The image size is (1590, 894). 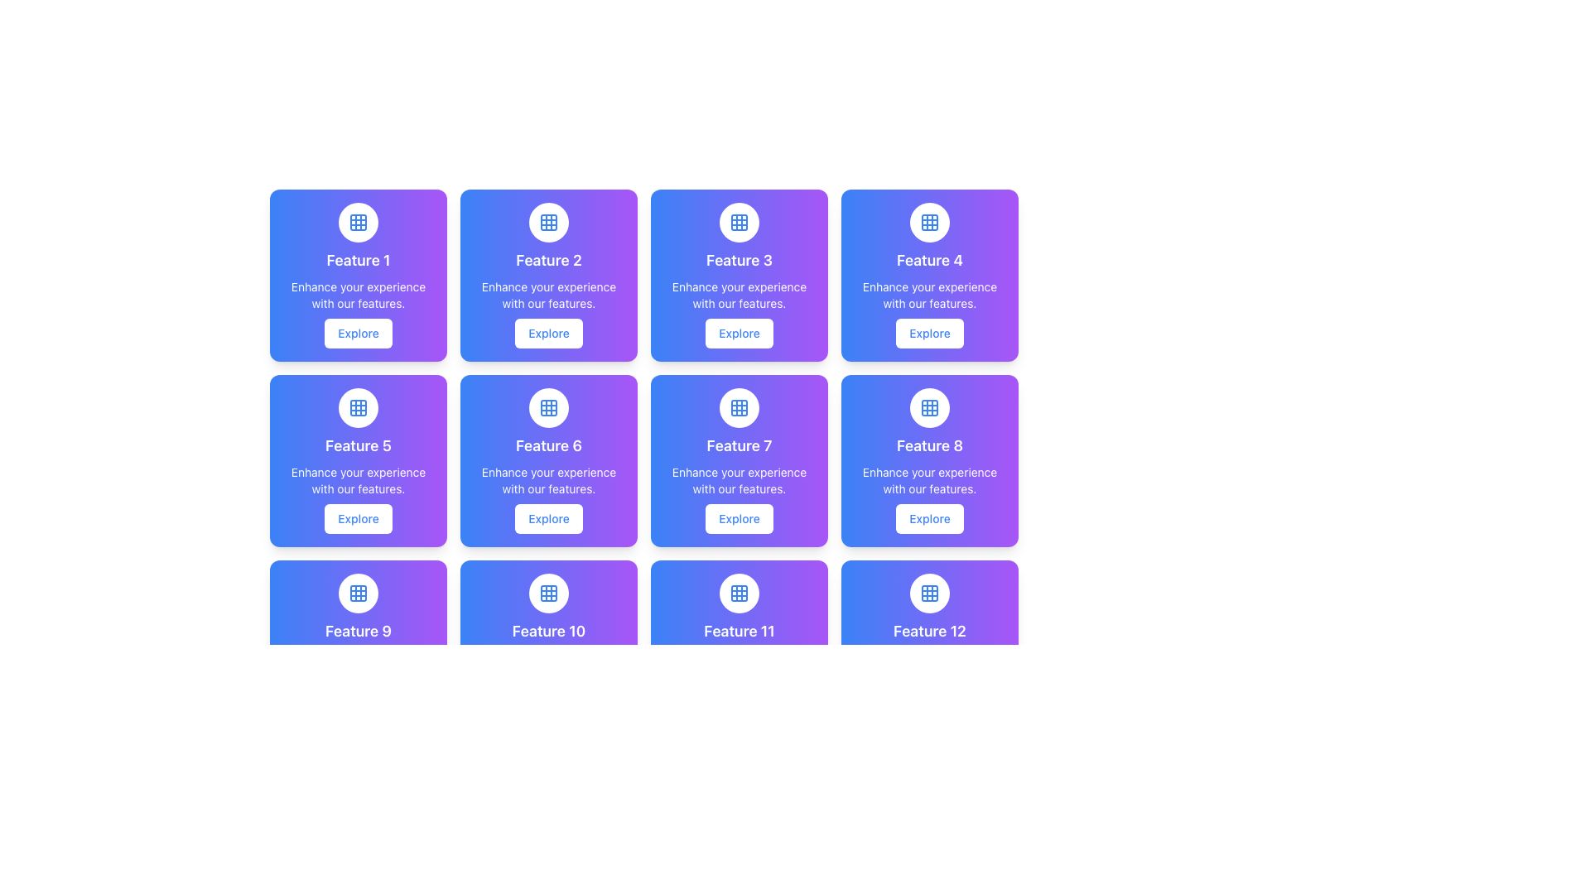 I want to click on the button beneath the text 'Enhance your experience with our features.' in the 'Feature 2' card, so click(x=548, y=333).